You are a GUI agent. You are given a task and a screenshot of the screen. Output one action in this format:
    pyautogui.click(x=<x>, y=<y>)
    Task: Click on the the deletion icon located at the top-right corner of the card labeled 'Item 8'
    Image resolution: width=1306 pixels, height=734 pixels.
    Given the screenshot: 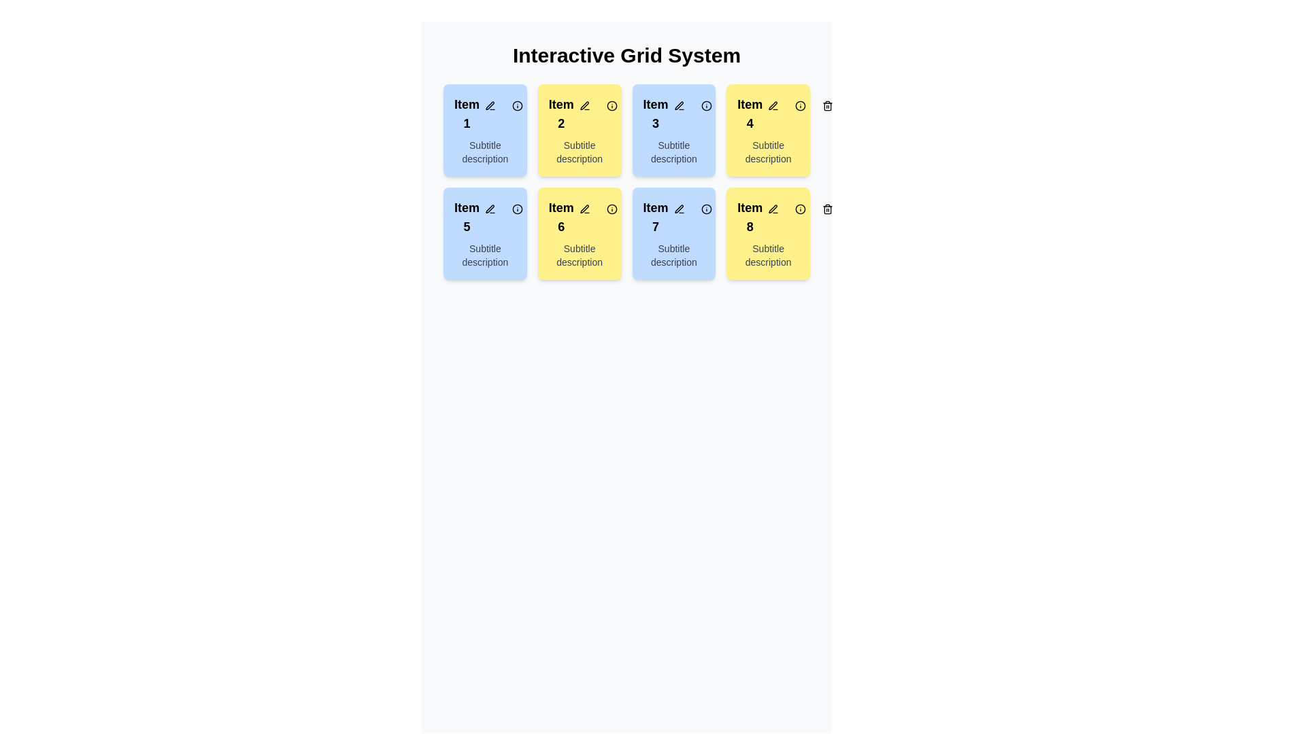 What is the action you would take?
    pyautogui.click(x=733, y=209)
    